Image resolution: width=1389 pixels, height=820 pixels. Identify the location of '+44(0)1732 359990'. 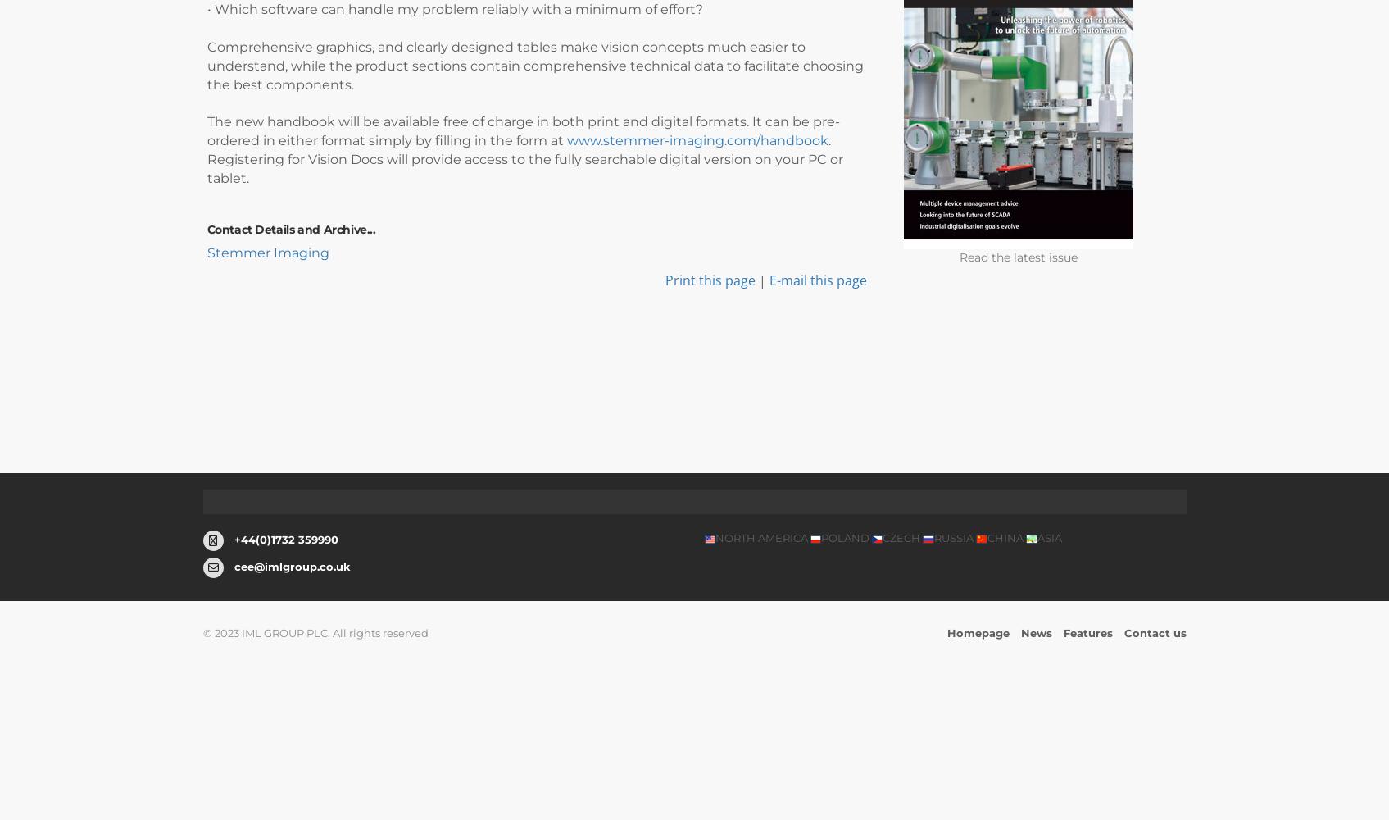
(233, 540).